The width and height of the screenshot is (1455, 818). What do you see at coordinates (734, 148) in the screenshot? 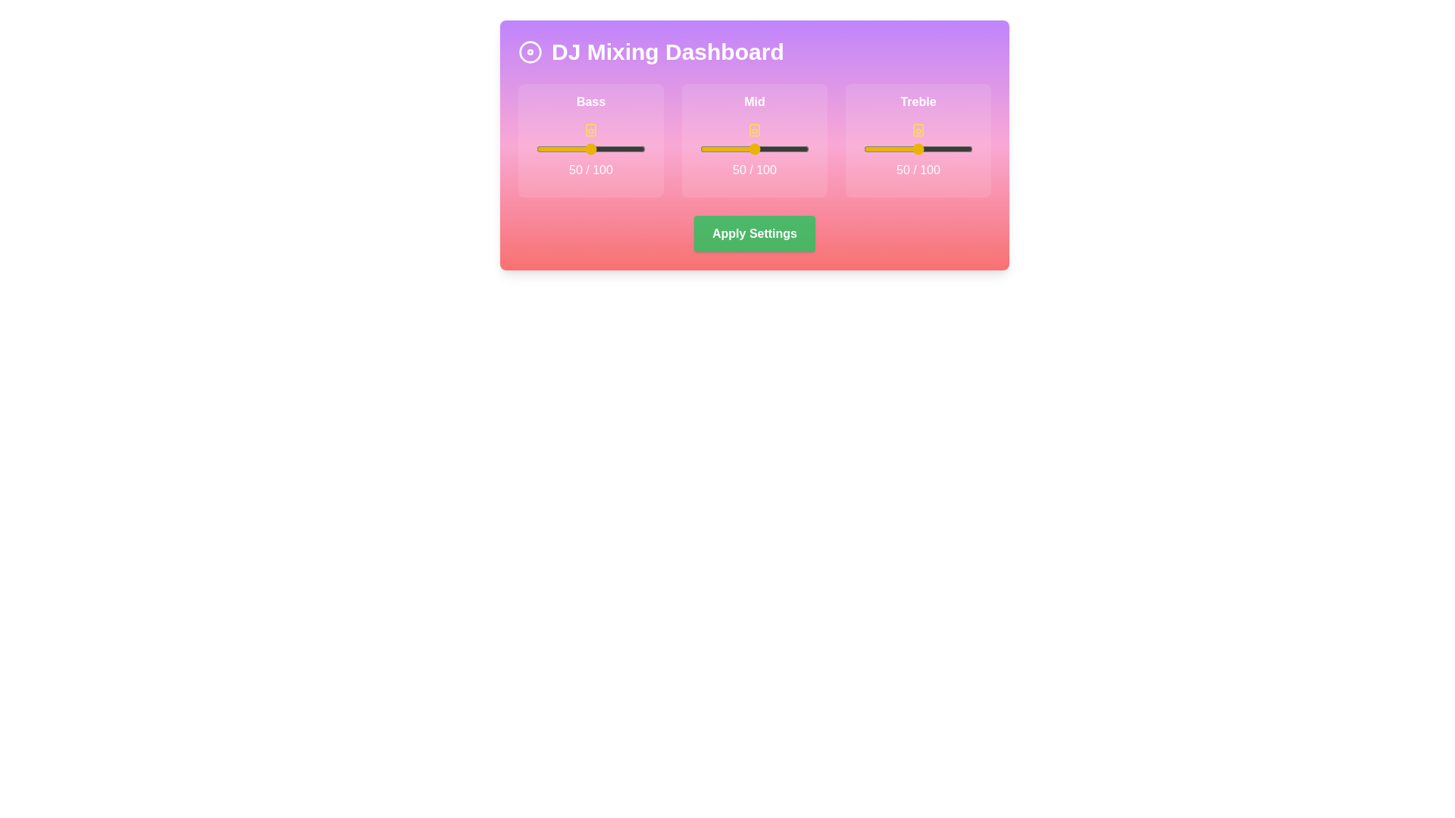
I see `the mid slider to set its value to 31` at bounding box center [734, 148].